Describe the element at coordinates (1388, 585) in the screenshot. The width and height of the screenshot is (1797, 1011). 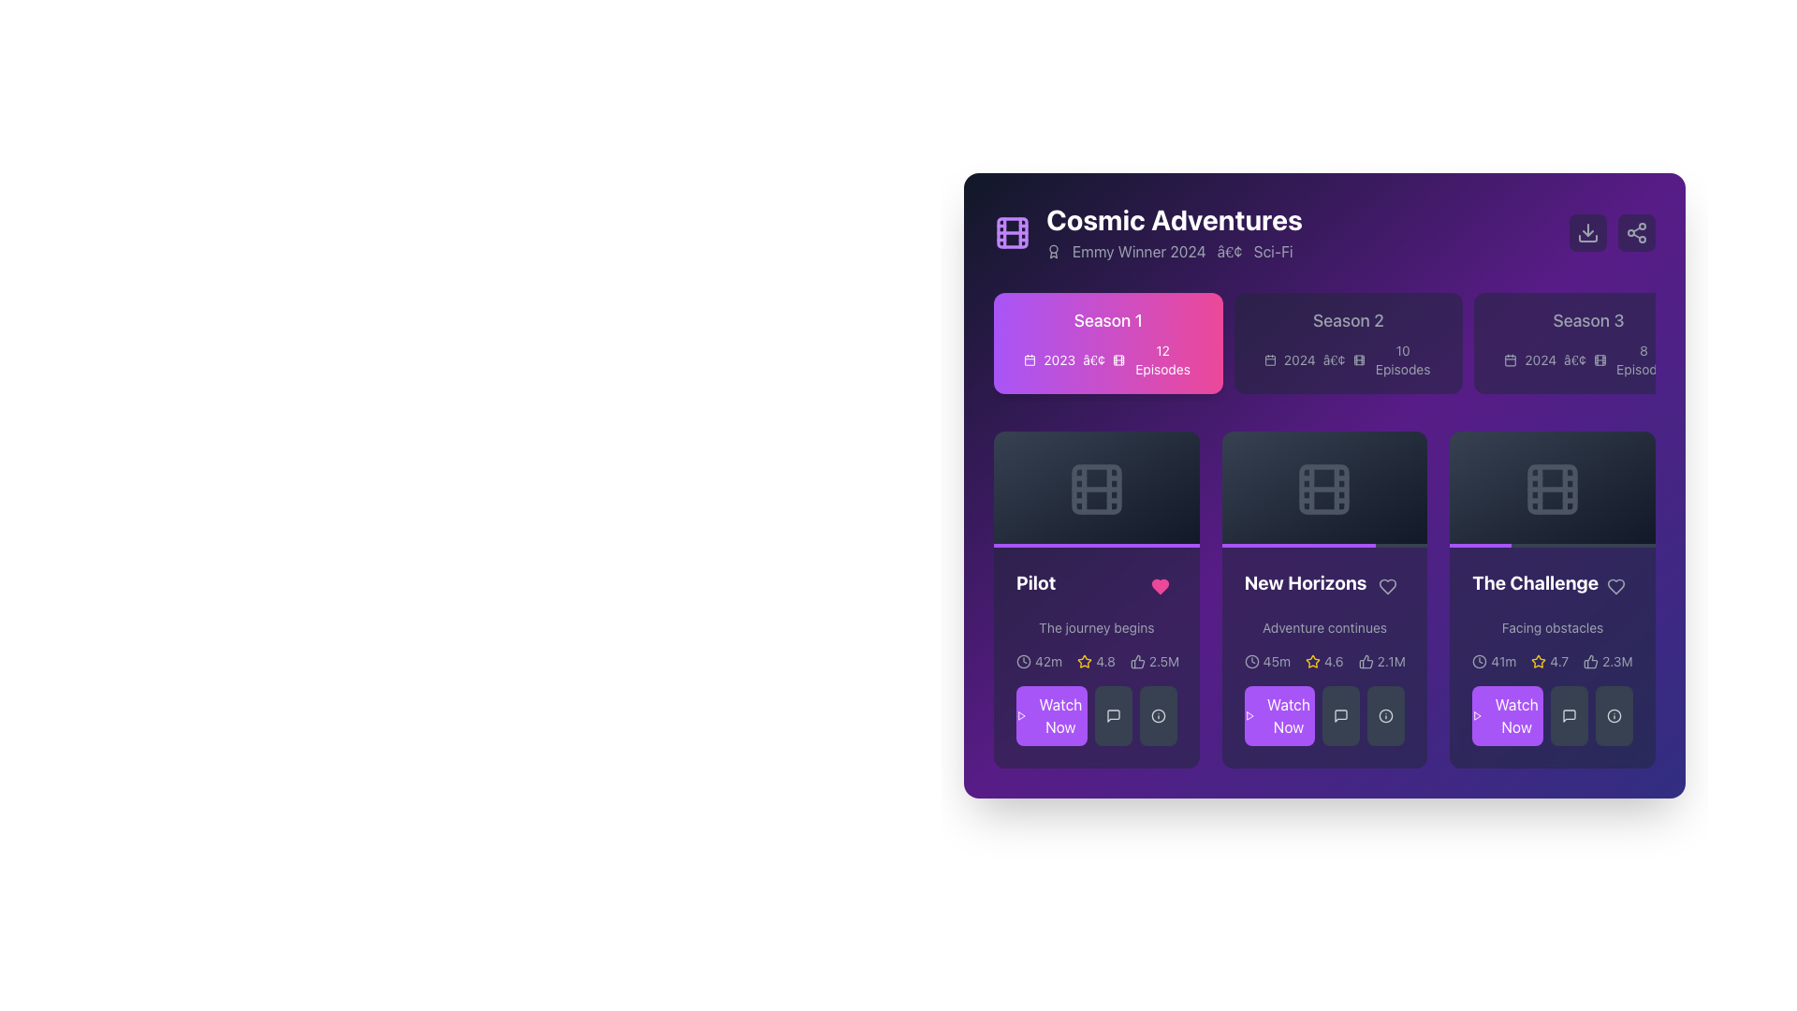
I see `the heart-shaped interactive icon located to the right of the 'New Horizons' title to favorite the episode` at that location.